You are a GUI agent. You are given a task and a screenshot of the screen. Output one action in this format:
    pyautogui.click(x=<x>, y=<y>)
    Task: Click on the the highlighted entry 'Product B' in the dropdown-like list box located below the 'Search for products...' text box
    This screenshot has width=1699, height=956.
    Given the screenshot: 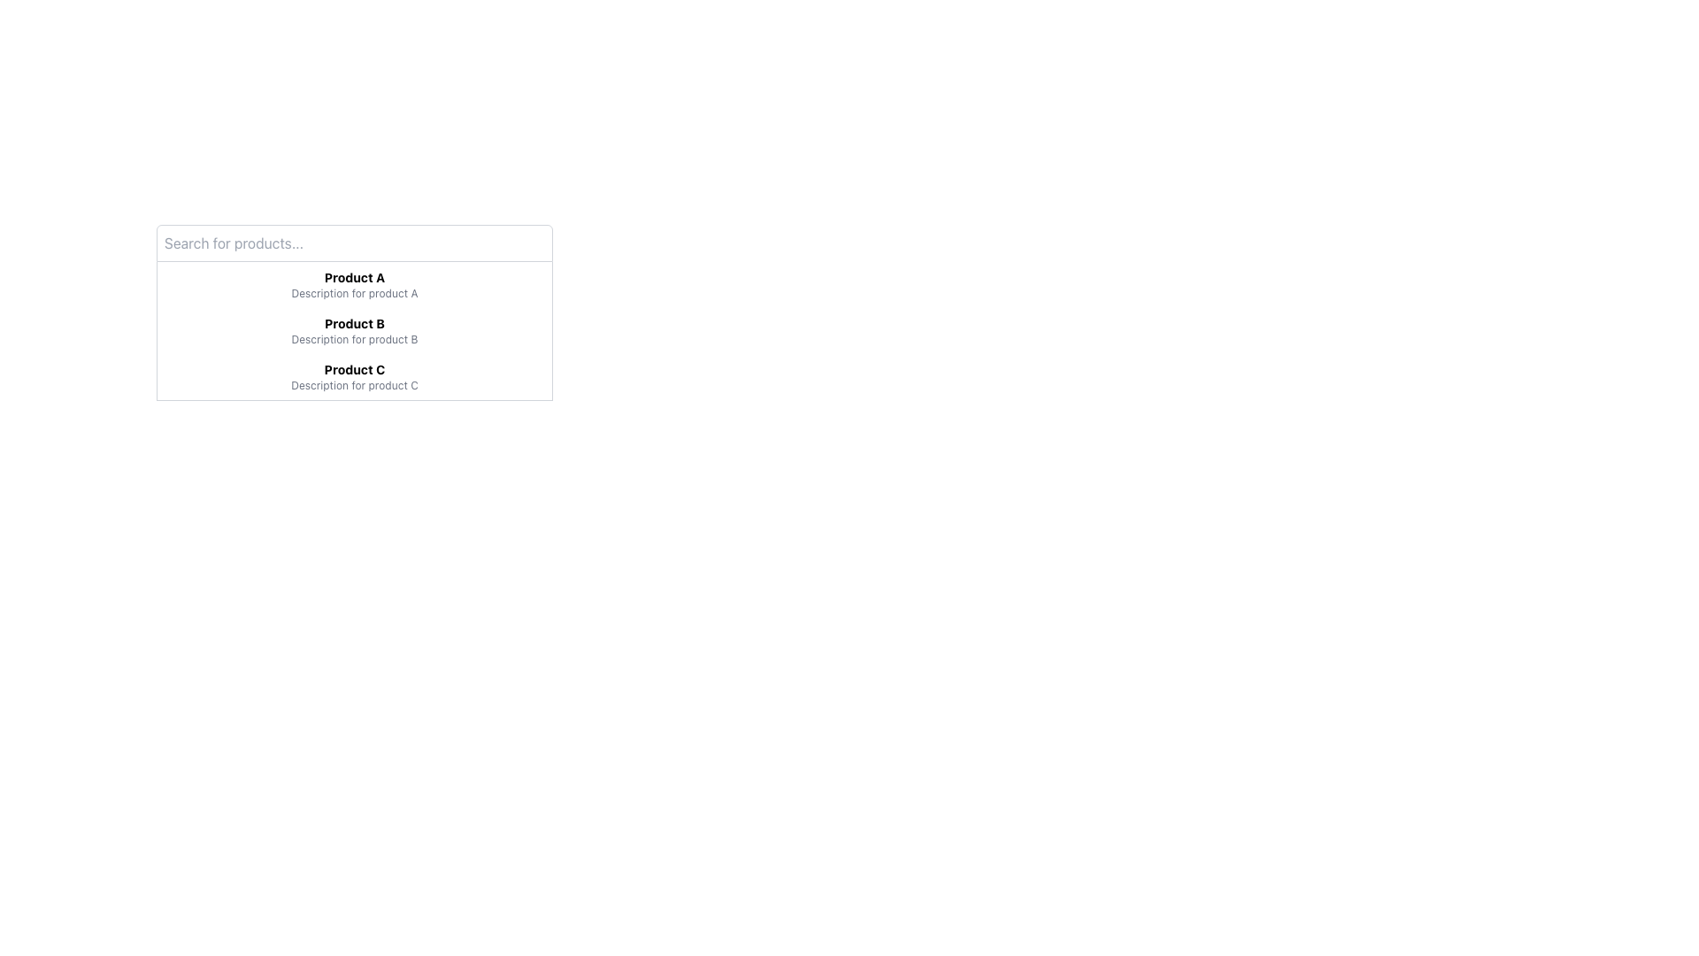 What is the action you would take?
    pyautogui.click(x=354, y=331)
    